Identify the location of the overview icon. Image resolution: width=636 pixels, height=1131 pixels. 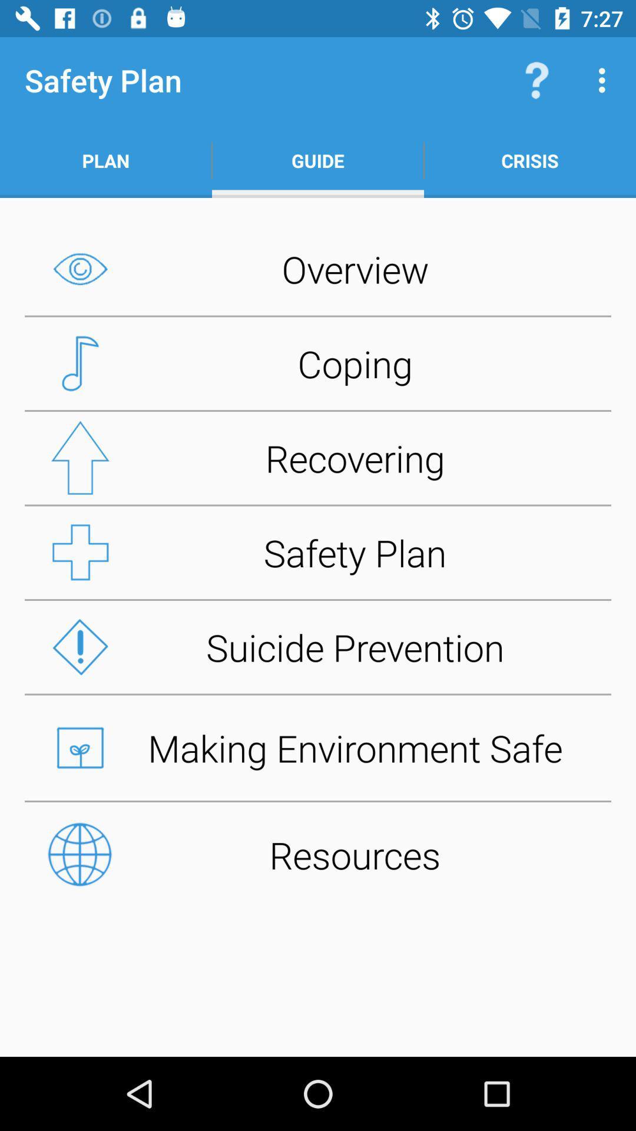
(318, 268).